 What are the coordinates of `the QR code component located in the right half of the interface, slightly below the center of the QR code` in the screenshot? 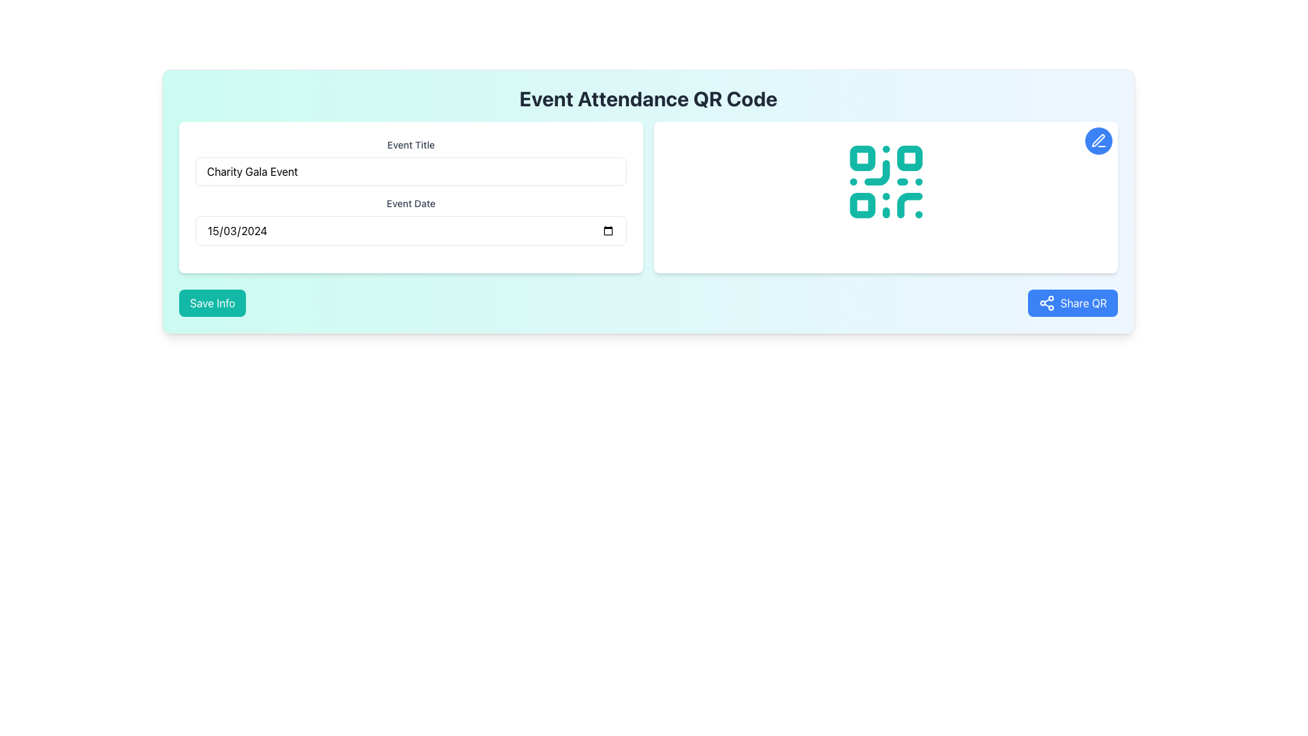 It's located at (877, 172).